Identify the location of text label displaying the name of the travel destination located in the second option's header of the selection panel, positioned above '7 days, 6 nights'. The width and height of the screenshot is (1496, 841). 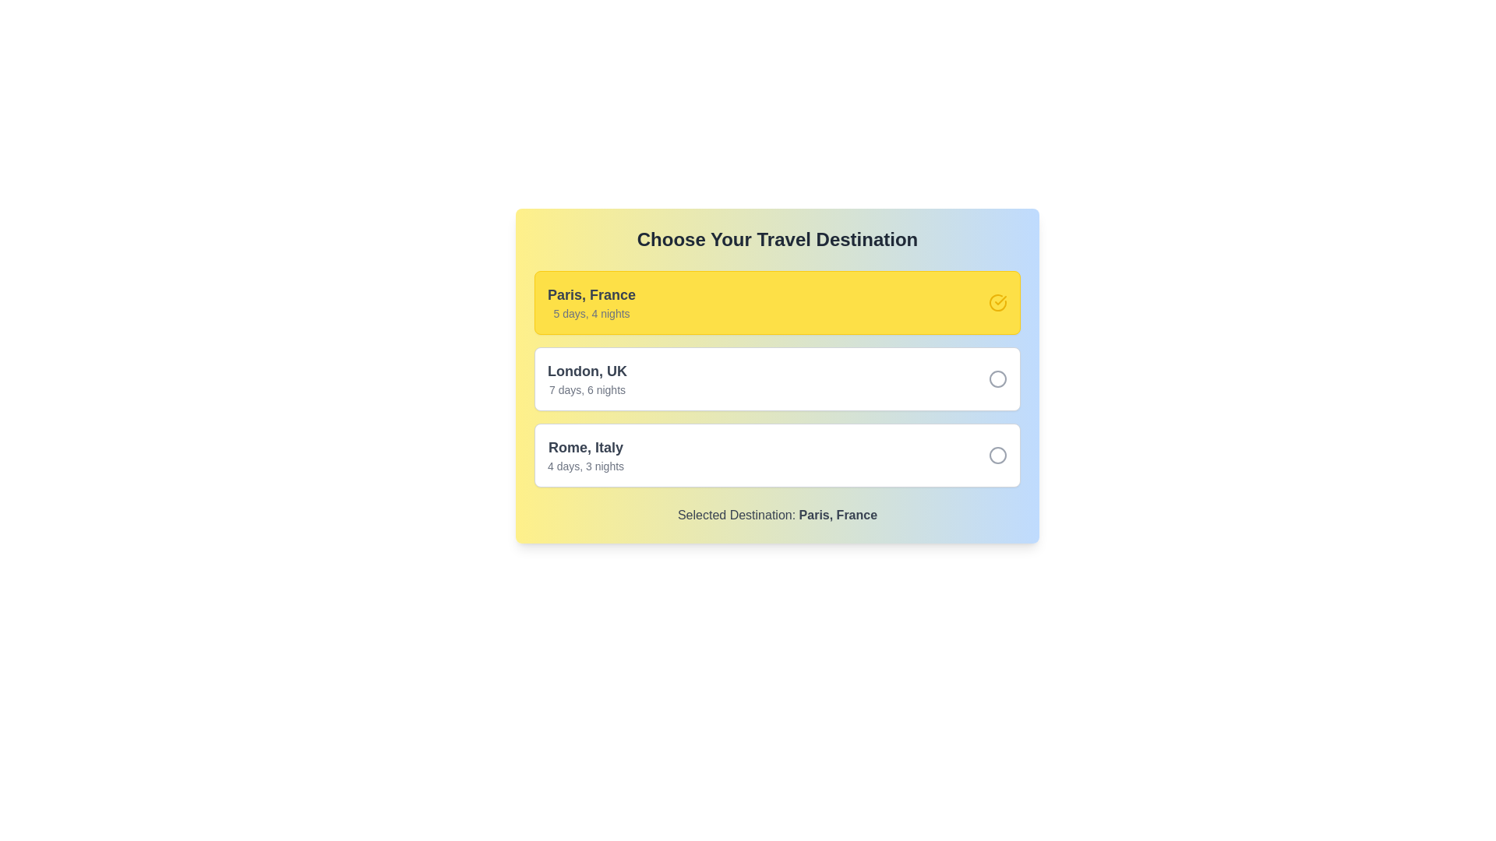
(586, 371).